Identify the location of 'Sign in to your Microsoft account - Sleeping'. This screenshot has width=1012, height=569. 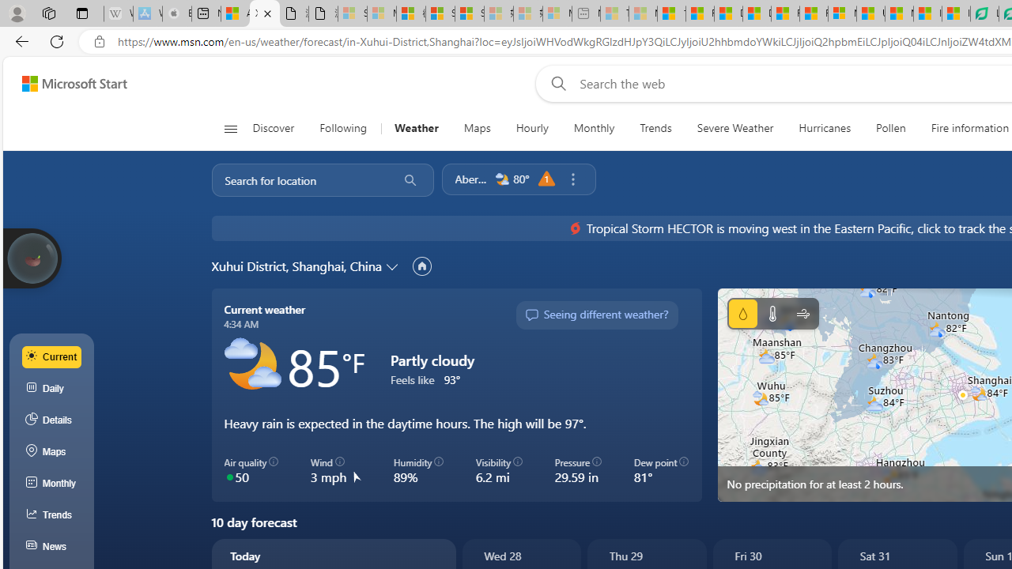
(352, 13).